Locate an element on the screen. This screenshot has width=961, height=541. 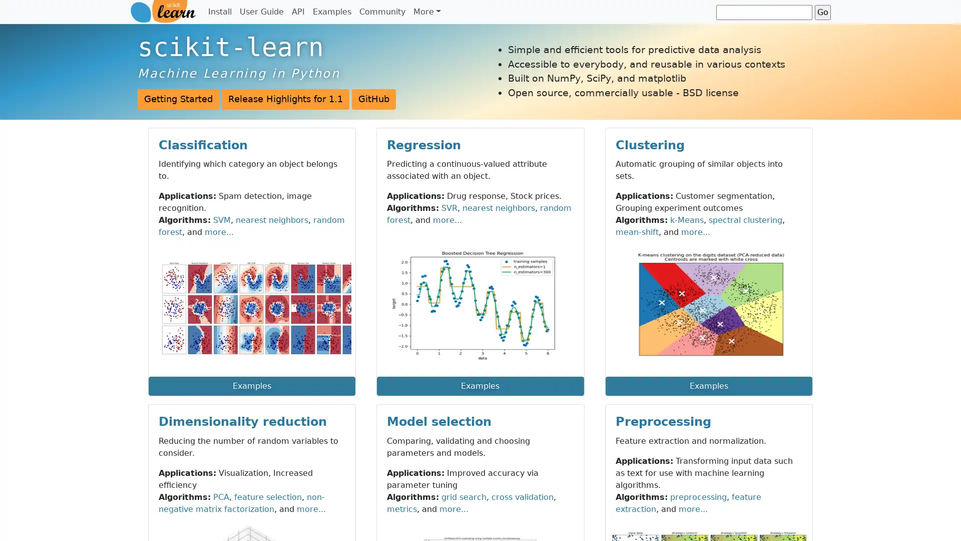
GitHub is located at coordinates (373, 99).